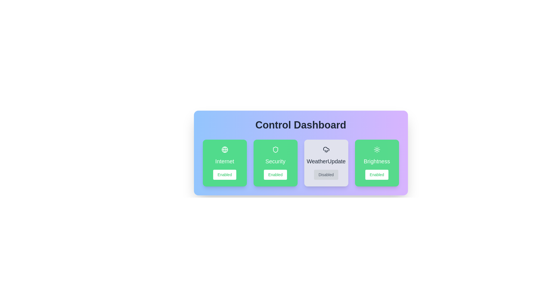 This screenshot has height=301, width=535. What do you see at coordinates (225, 174) in the screenshot?
I see `button to toggle the state of the feature Internet` at bounding box center [225, 174].